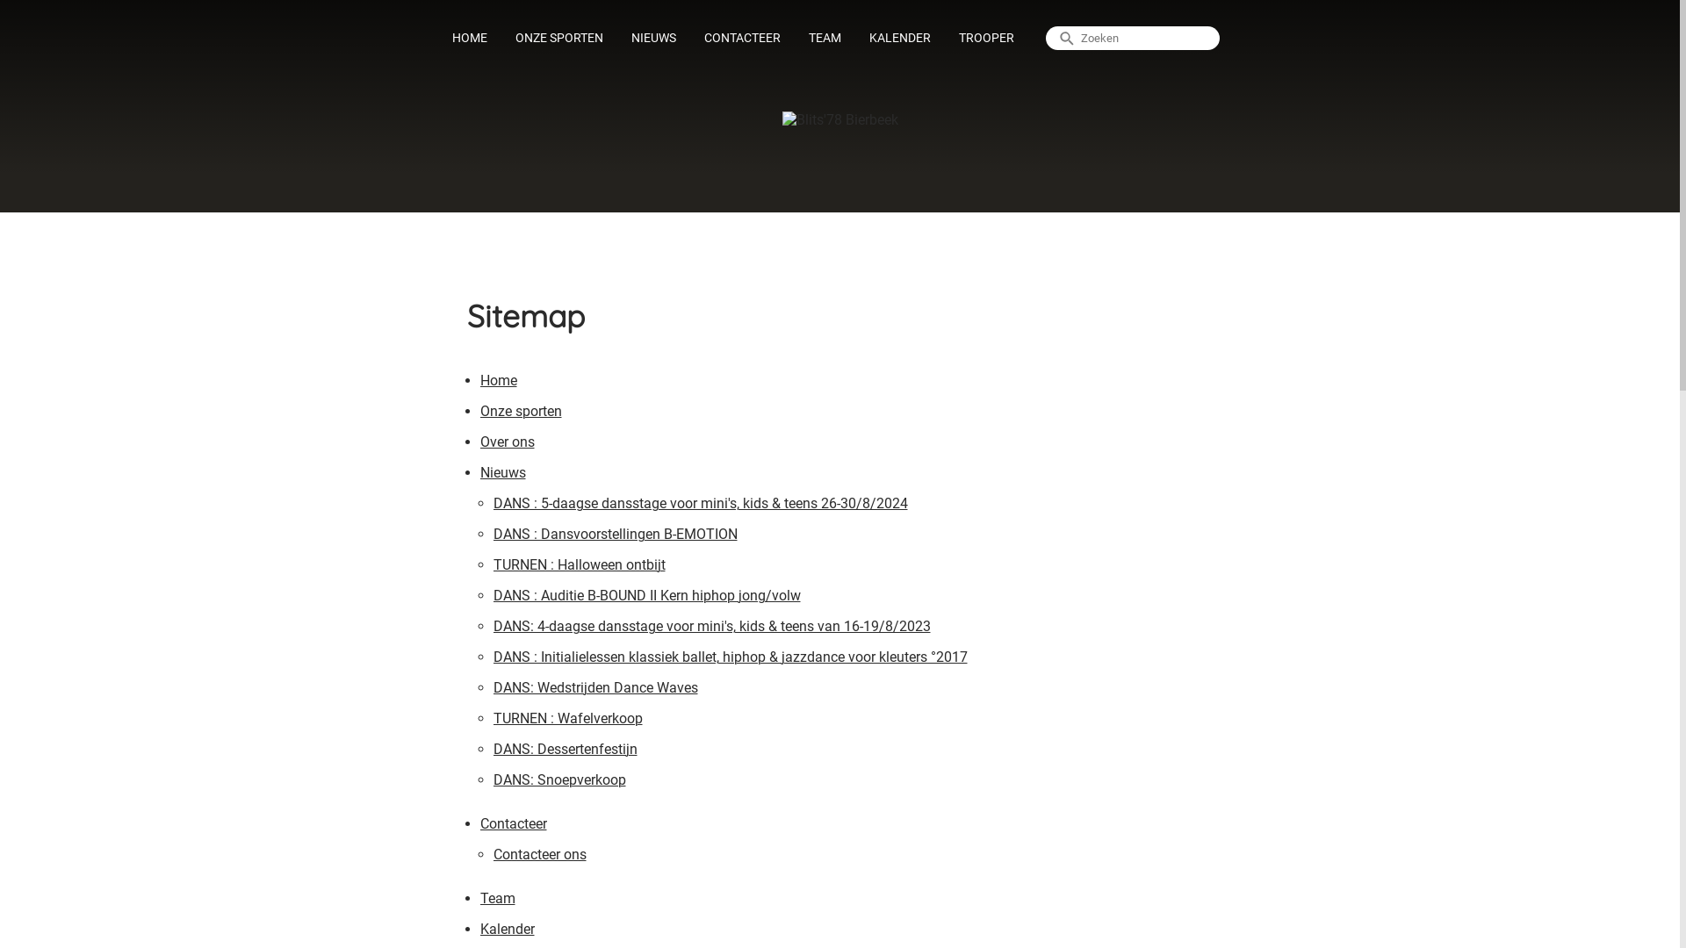 The width and height of the screenshot is (1686, 948). I want to click on 'Onze sporten', so click(519, 413).